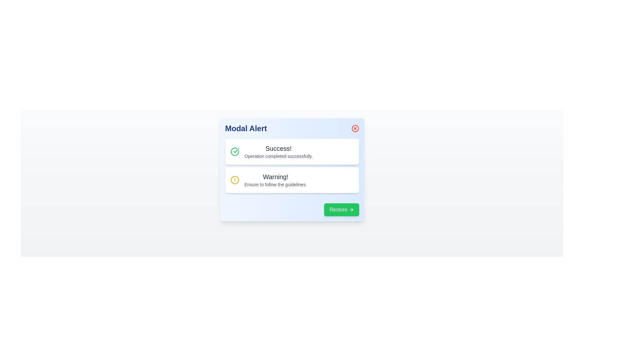 This screenshot has width=618, height=348. What do you see at coordinates (236, 150) in the screenshot?
I see `the green checkmark icon within the circular outline located in the top-left corner of the 'Success!' card in the modal interface` at bounding box center [236, 150].